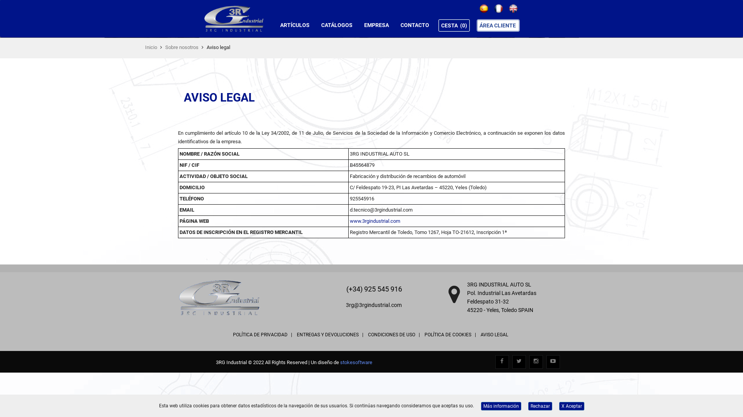 The height and width of the screenshot is (417, 743). What do you see at coordinates (539, 406) in the screenshot?
I see `'Rechazar'` at bounding box center [539, 406].